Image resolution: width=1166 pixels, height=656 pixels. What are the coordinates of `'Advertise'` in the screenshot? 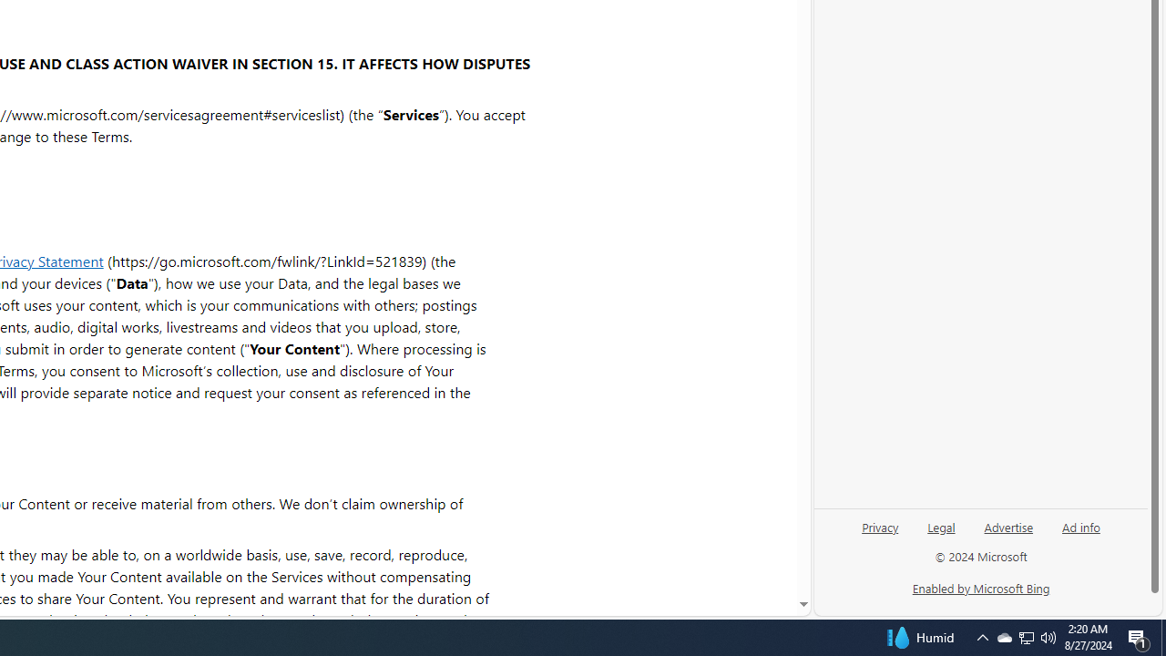 It's located at (1007, 533).